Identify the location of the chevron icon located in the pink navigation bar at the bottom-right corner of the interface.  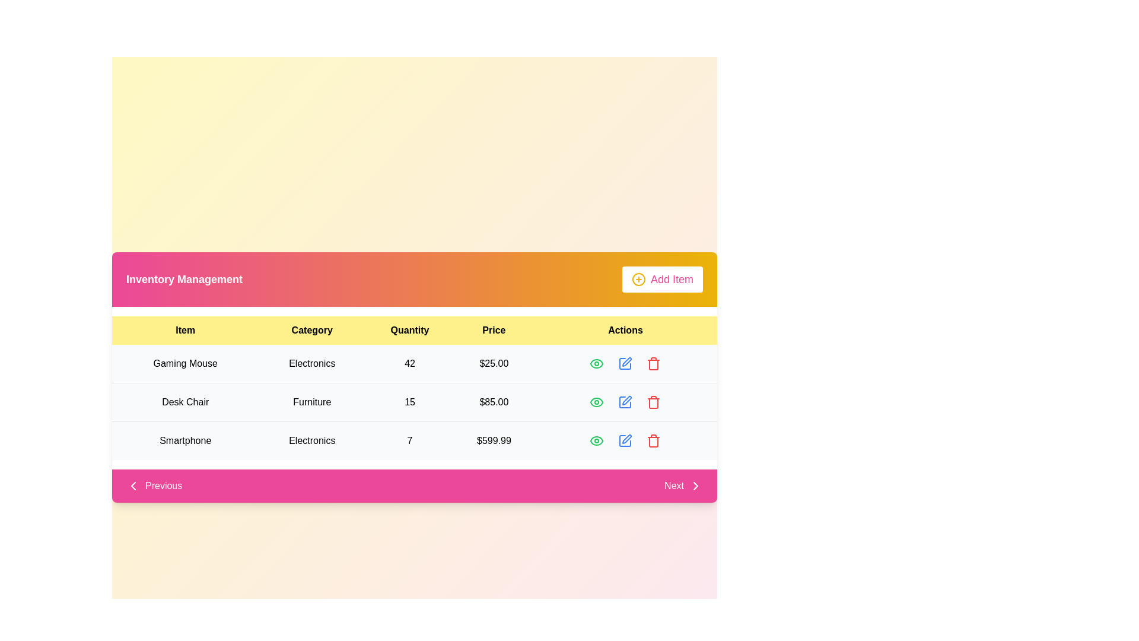
(695, 485).